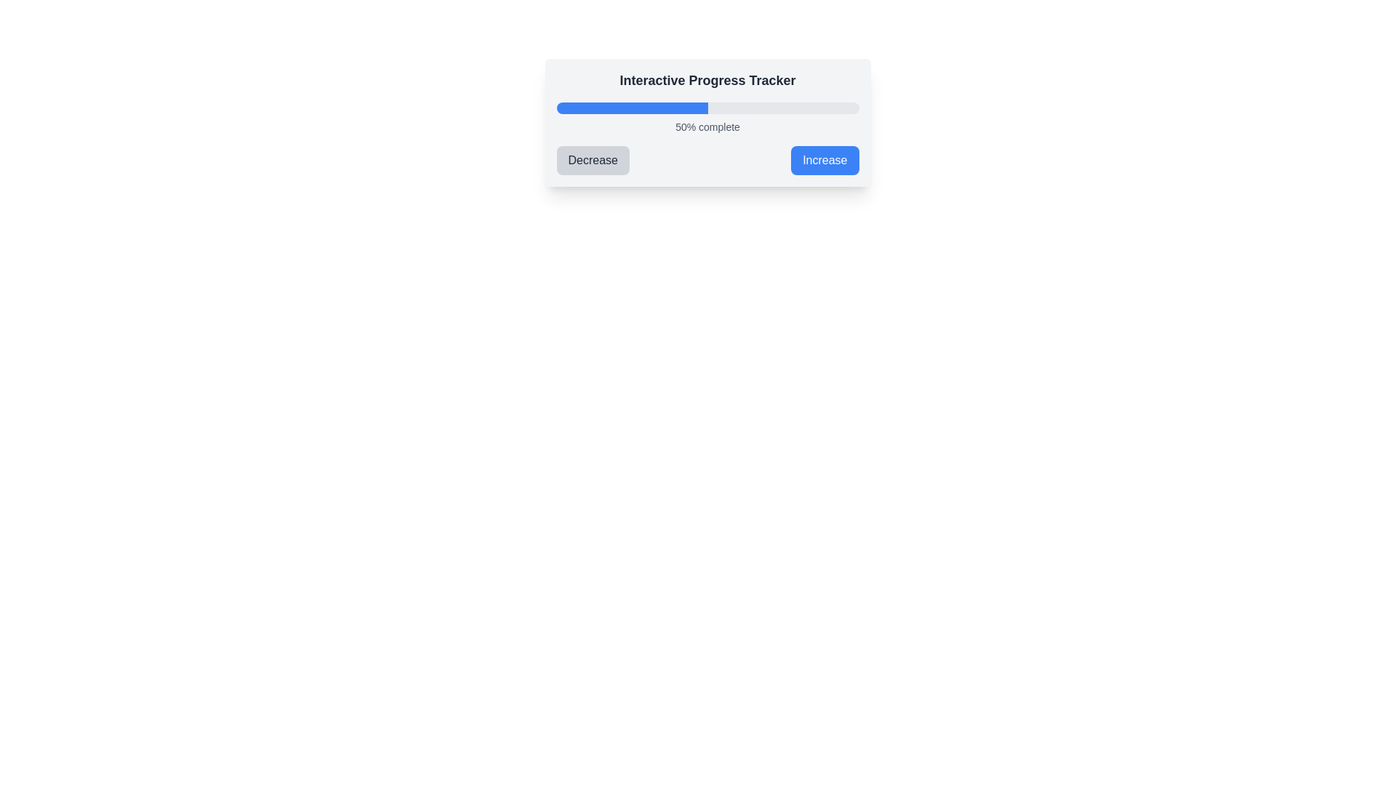 The image size is (1396, 785). I want to click on the leftmost button labeled 'Decrease' with a light gray background and dark gray text, so click(593, 160).